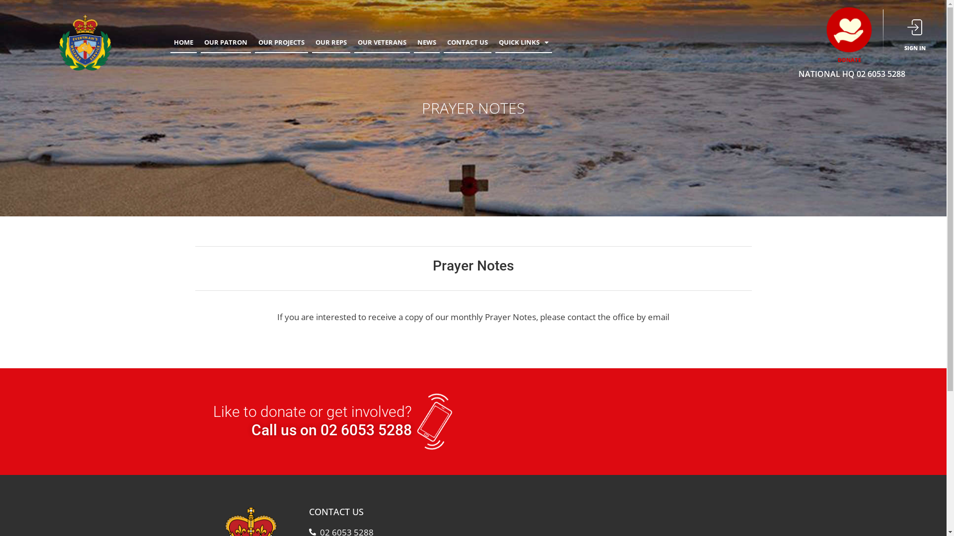  What do you see at coordinates (849, 60) in the screenshot?
I see `'DONATE'` at bounding box center [849, 60].